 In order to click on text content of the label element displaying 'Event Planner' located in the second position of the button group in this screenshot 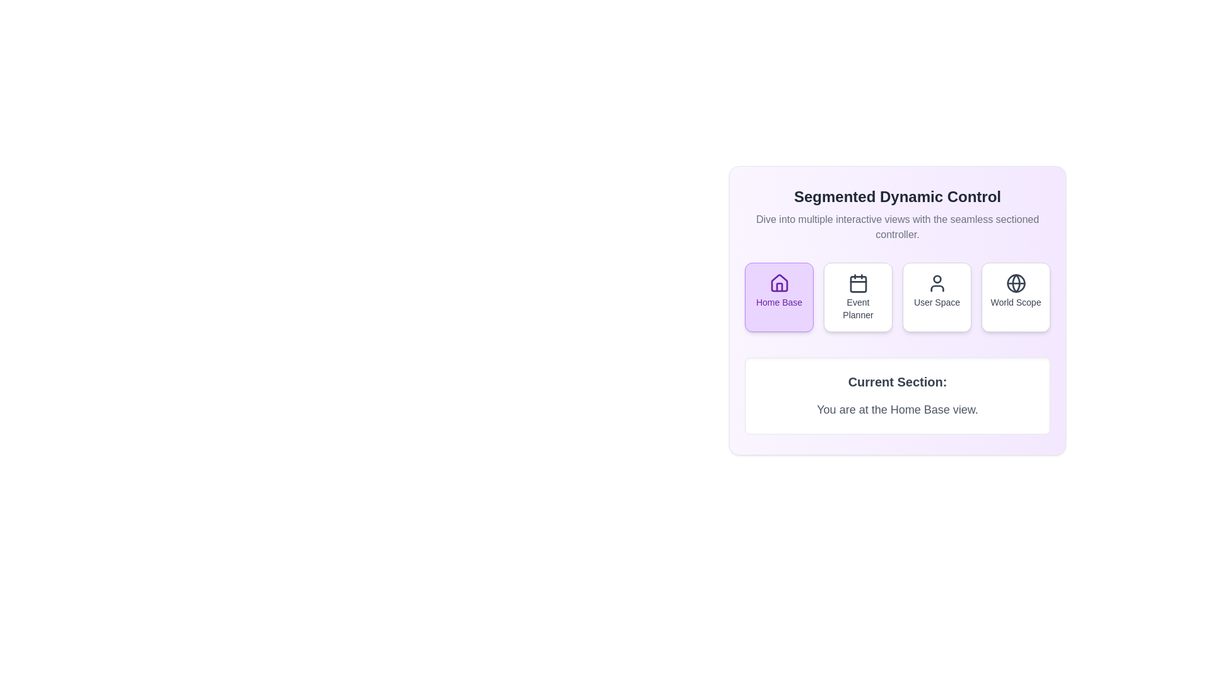, I will do `click(858, 309)`.